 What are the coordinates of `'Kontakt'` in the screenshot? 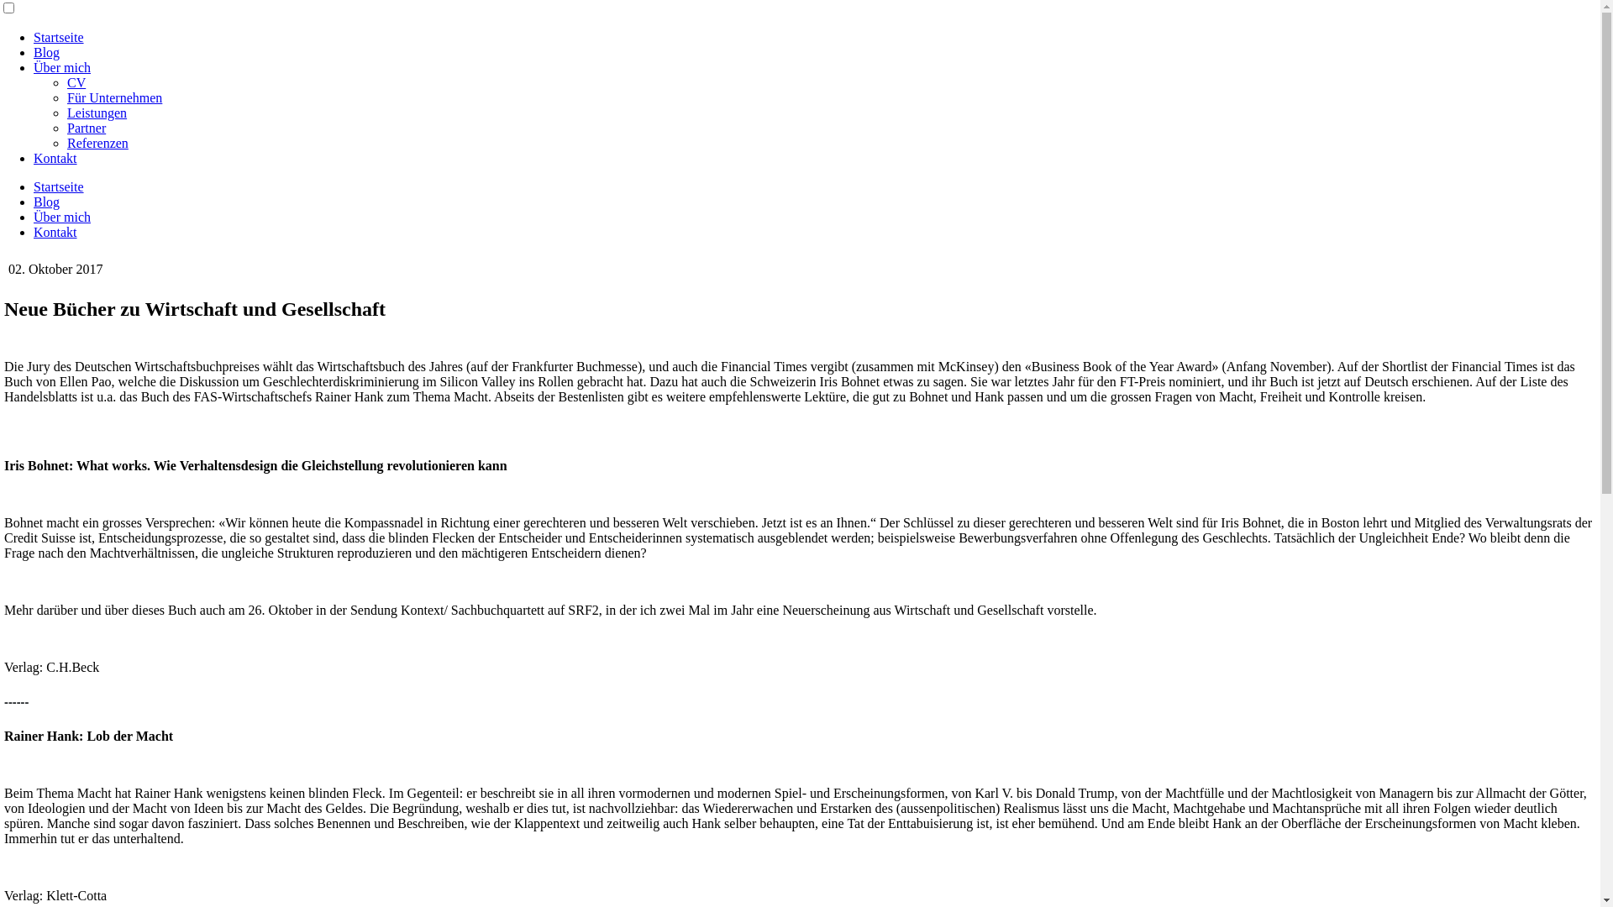 It's located at (55, 158).